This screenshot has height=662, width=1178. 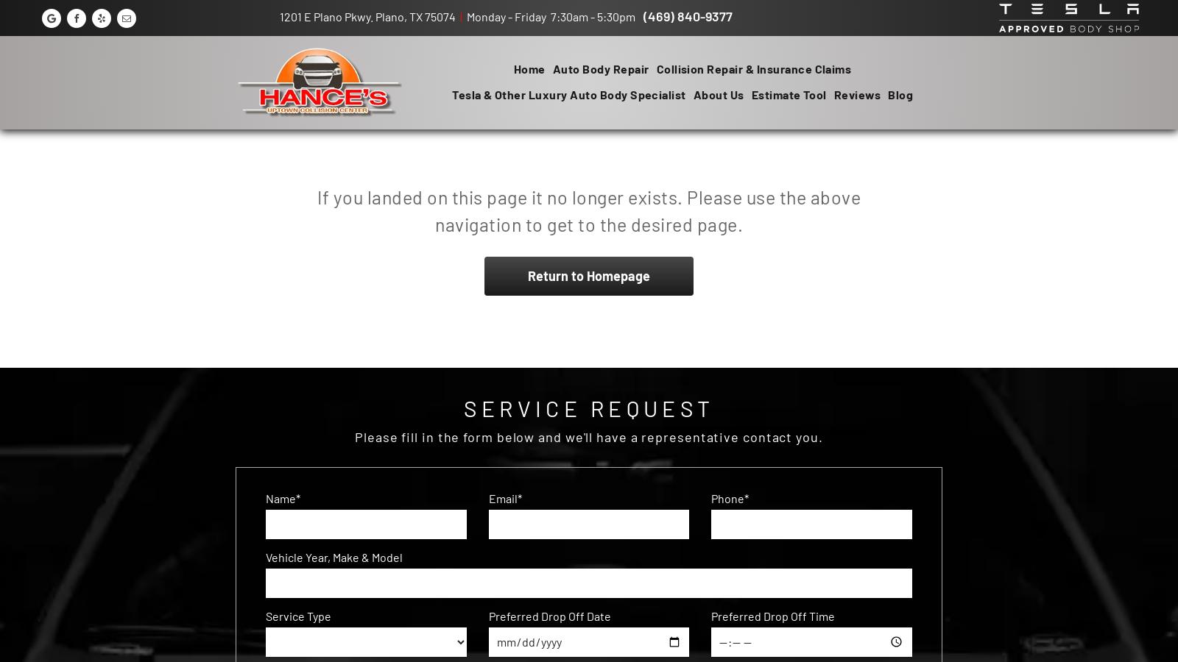 I want to click on 'Vehicle Year, Make & Model', so click(x=265, y=555).